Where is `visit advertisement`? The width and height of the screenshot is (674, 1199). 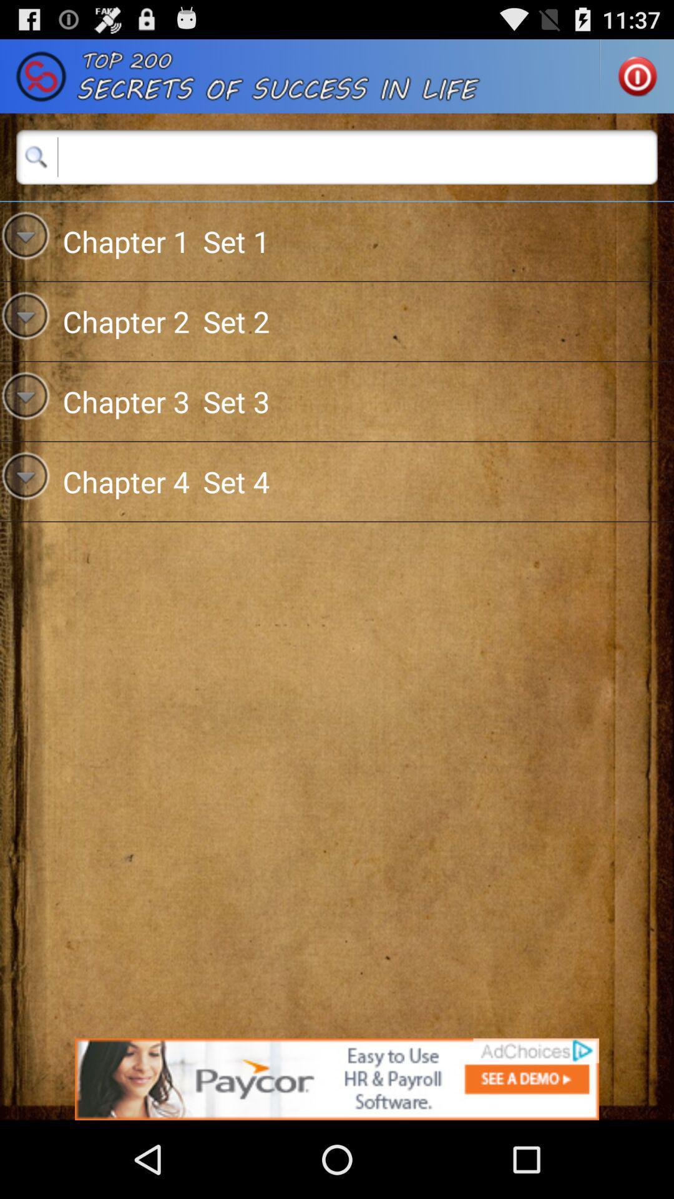 visit advertisement is located at coordinates (337, 1078).